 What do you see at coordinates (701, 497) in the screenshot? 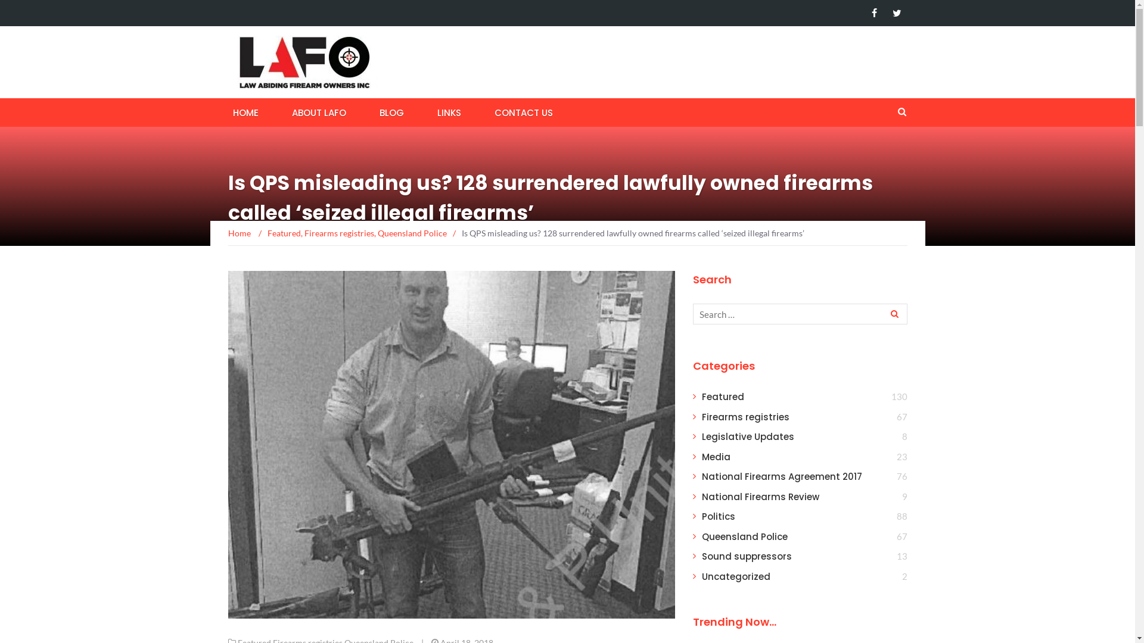
I see `'National Firearms Review'` at bounding box center [701, 497].